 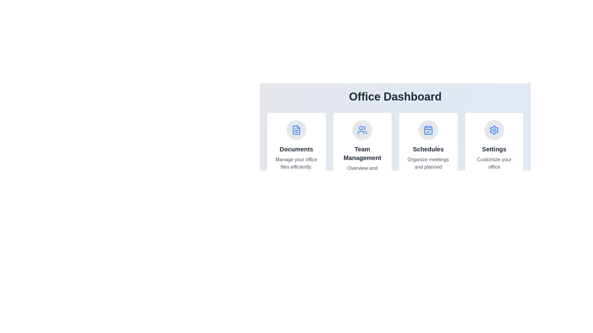 What do you see at coordinates (296, 129) in the screenshot?
I see `the document icon represented by a blue outlined rectangular icon with text lines inside it, located in the leftmost card labeled 'Documents' on the dashboard interface` at bounding box center [296, 129].